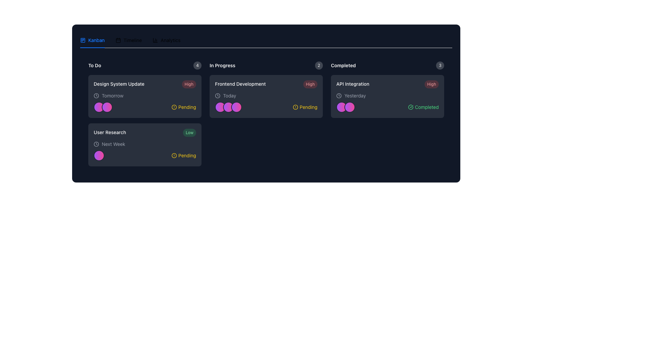 The width and height of the screenshot is (647, 363). Describe the element at coordinates (236, 107) in the screenshot. I see `the rightmost circular icon with a gradient background transitioning from purple to pink, located in the 'In Progress' section under the 'Frontend Development' task card` at that location.